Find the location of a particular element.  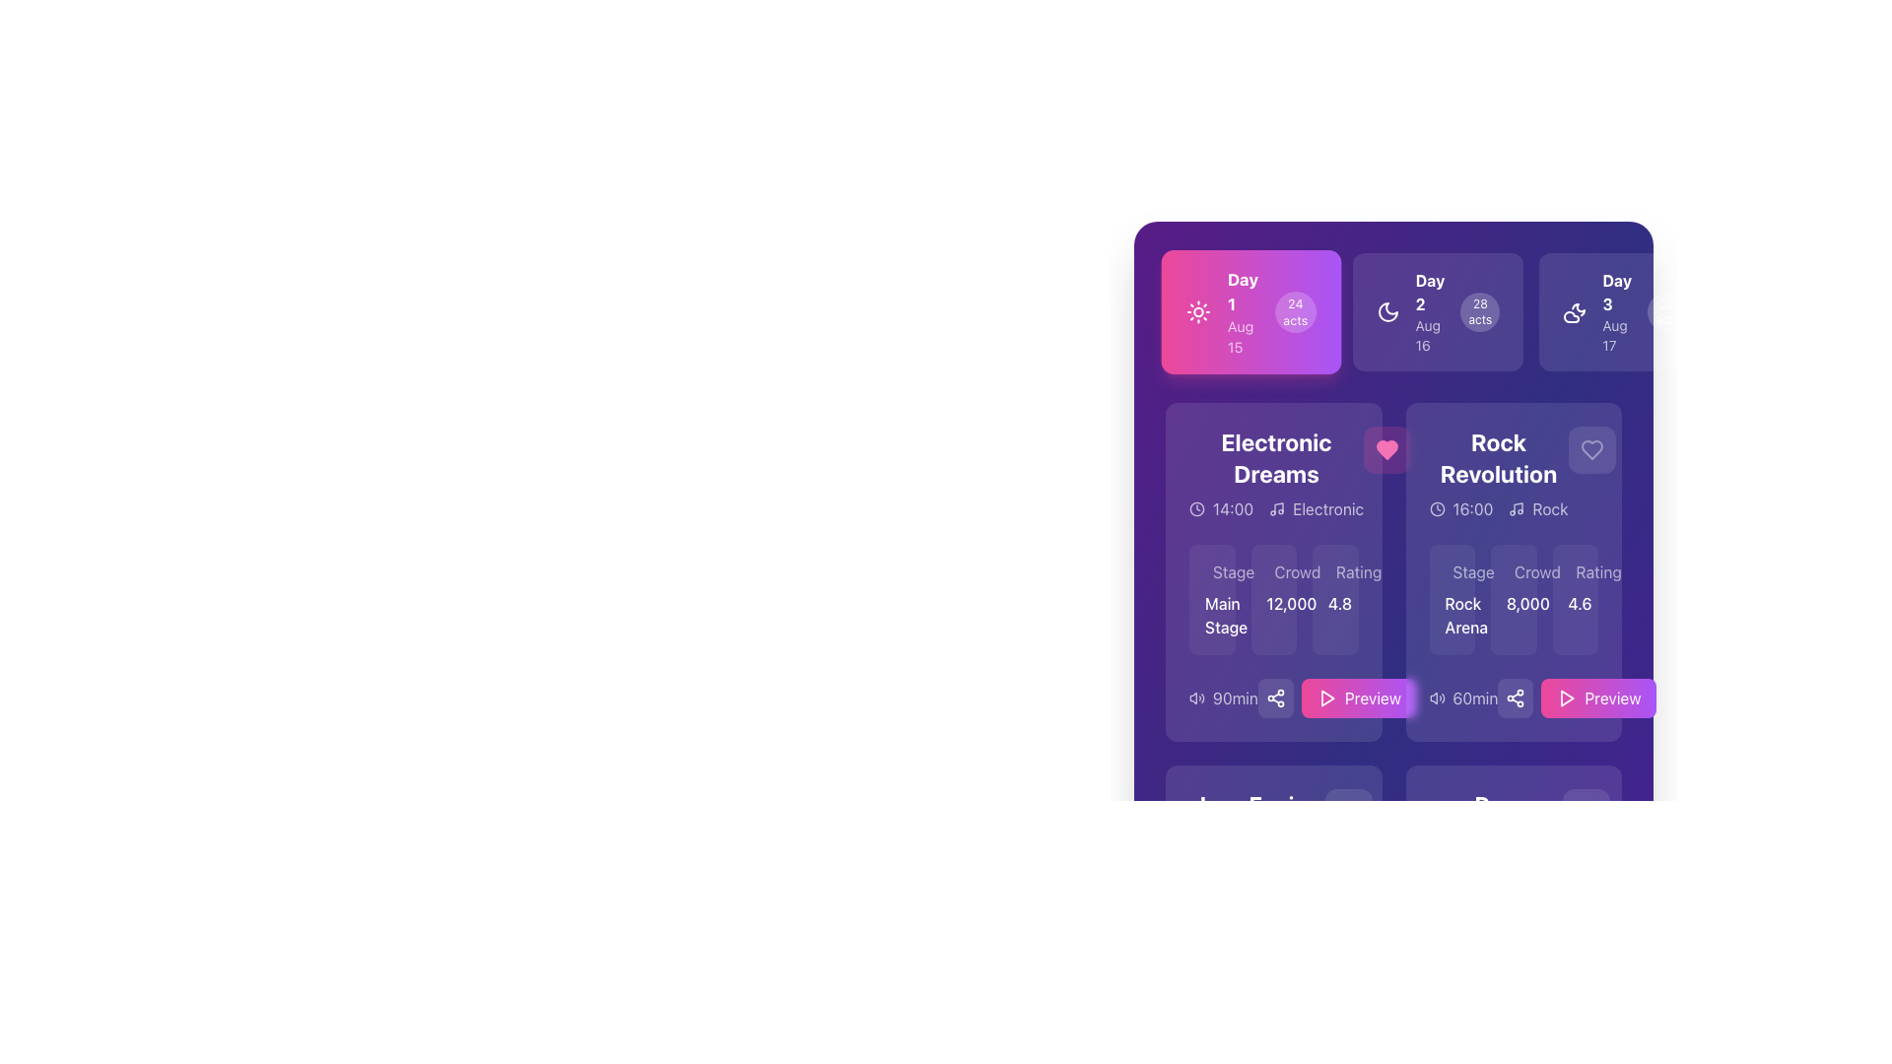

the numeric rating label located in the bottom-right corner of the 'Rating' section under the 'Rock Revolution' header is located at coordinates (1574, 603).